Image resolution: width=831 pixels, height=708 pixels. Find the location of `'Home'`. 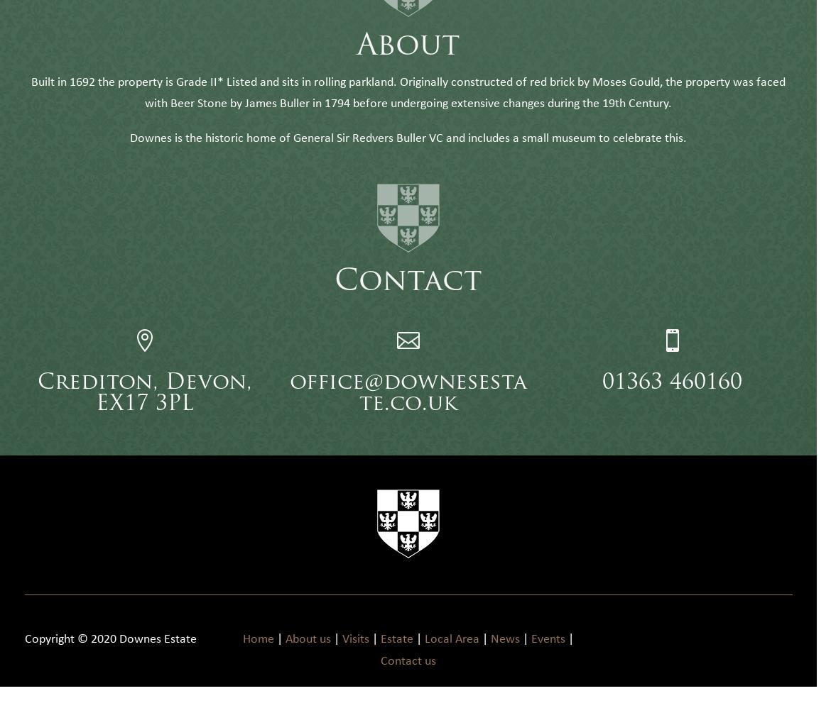

'Home' is located at coordinates (241, 660).